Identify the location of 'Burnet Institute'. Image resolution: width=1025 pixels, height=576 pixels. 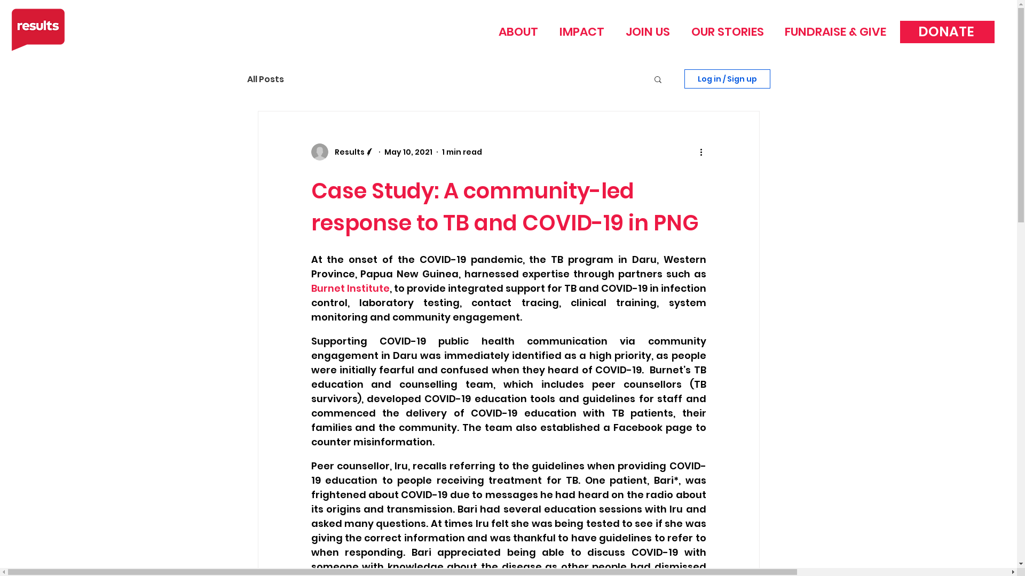
(350, 288).